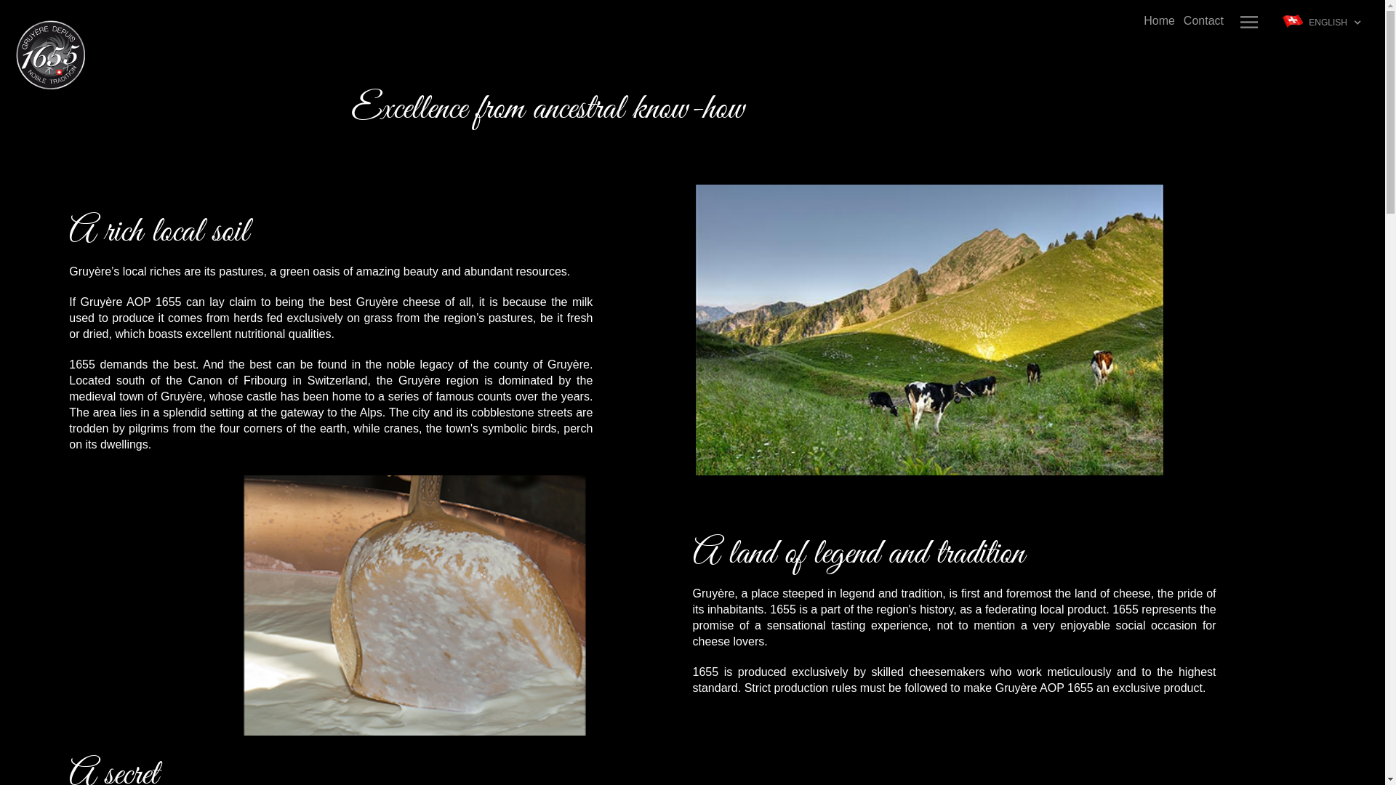 The image size is (1396, 785). What do you see at coordinates (1158, 21) in the screenshot?
I see `'Home'` at bounding box center [1158, 21].